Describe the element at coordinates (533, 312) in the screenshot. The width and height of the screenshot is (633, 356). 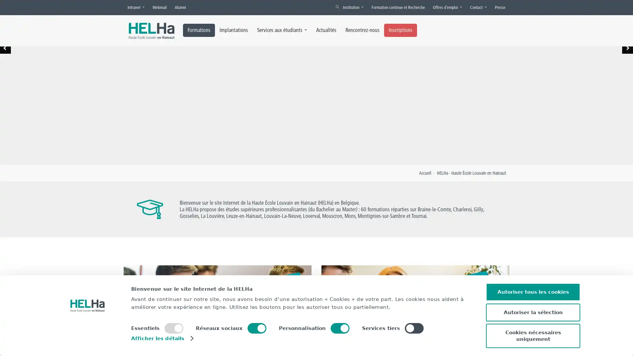
I see `Autoriser la selection` at that location.